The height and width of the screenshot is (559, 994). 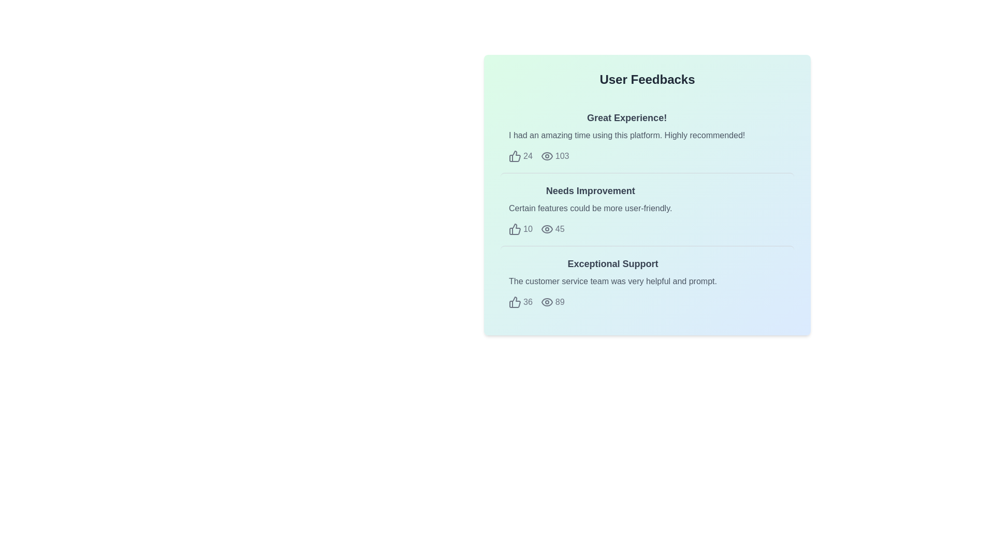 I want to click on the feedback item titled 'Exceptional Support', so click(x=647, y=282).